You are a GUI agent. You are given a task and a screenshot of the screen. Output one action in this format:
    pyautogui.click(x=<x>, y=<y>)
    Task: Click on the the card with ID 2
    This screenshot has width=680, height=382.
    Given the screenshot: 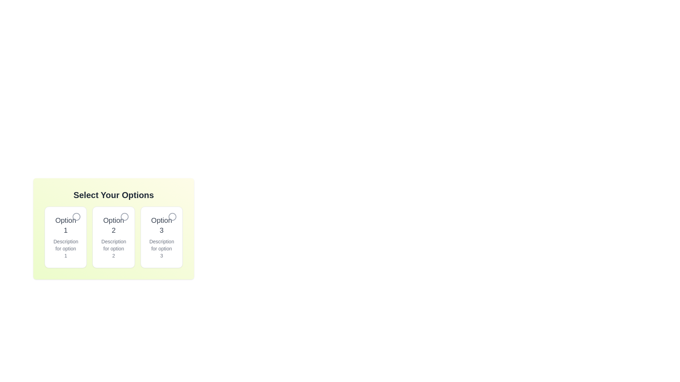 What is the action you would take?
    pyautogui.click(x=114, y=237)
    